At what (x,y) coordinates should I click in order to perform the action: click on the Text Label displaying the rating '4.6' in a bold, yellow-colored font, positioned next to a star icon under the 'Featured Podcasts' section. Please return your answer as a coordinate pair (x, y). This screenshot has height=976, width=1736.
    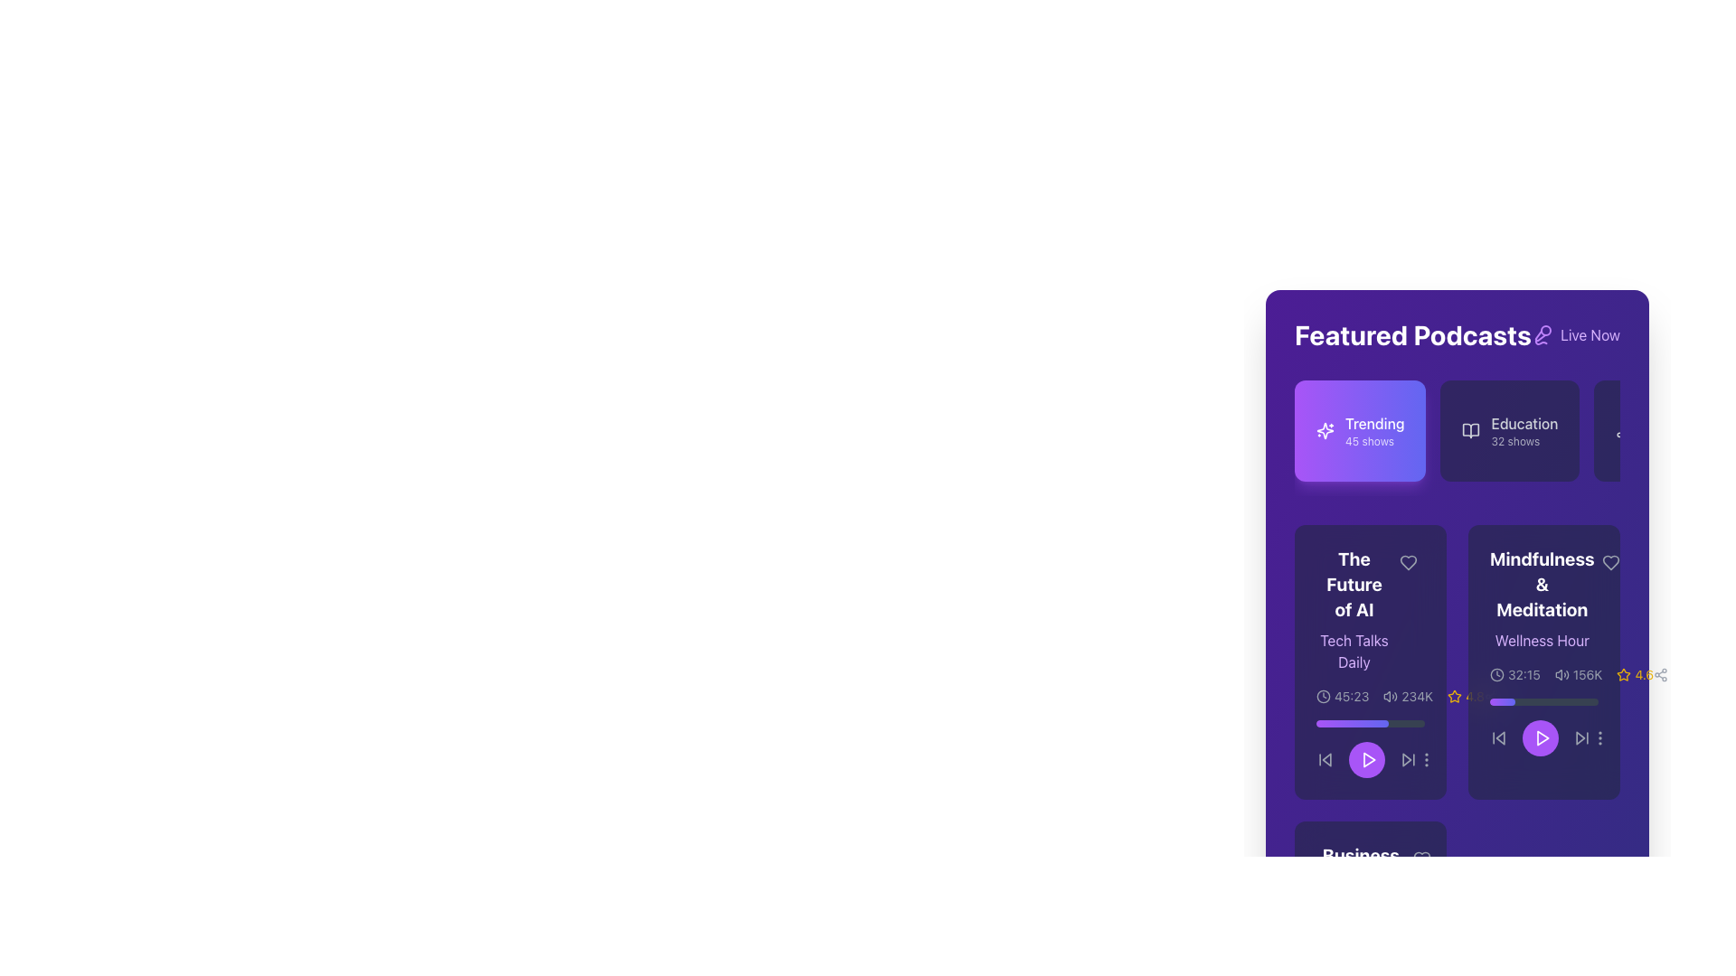
    Looking at the image, I should click on (1644, 675).